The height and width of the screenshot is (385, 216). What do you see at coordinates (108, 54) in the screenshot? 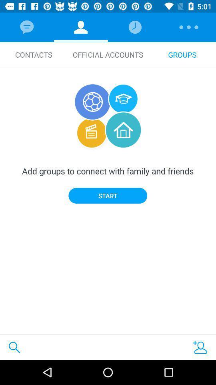
I see `the icon to the right of contacts item` at bounding box center [108, 54].